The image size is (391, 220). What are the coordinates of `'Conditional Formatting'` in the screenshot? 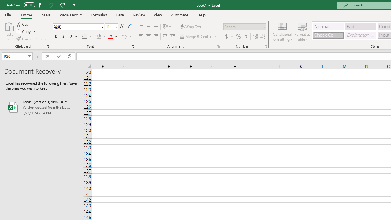 It's located at (282, 31).